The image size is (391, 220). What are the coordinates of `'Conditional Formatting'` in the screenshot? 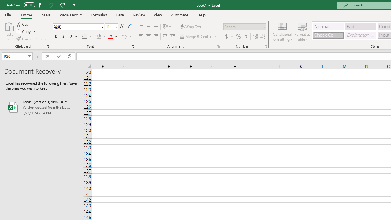 It's located at (282, 31).